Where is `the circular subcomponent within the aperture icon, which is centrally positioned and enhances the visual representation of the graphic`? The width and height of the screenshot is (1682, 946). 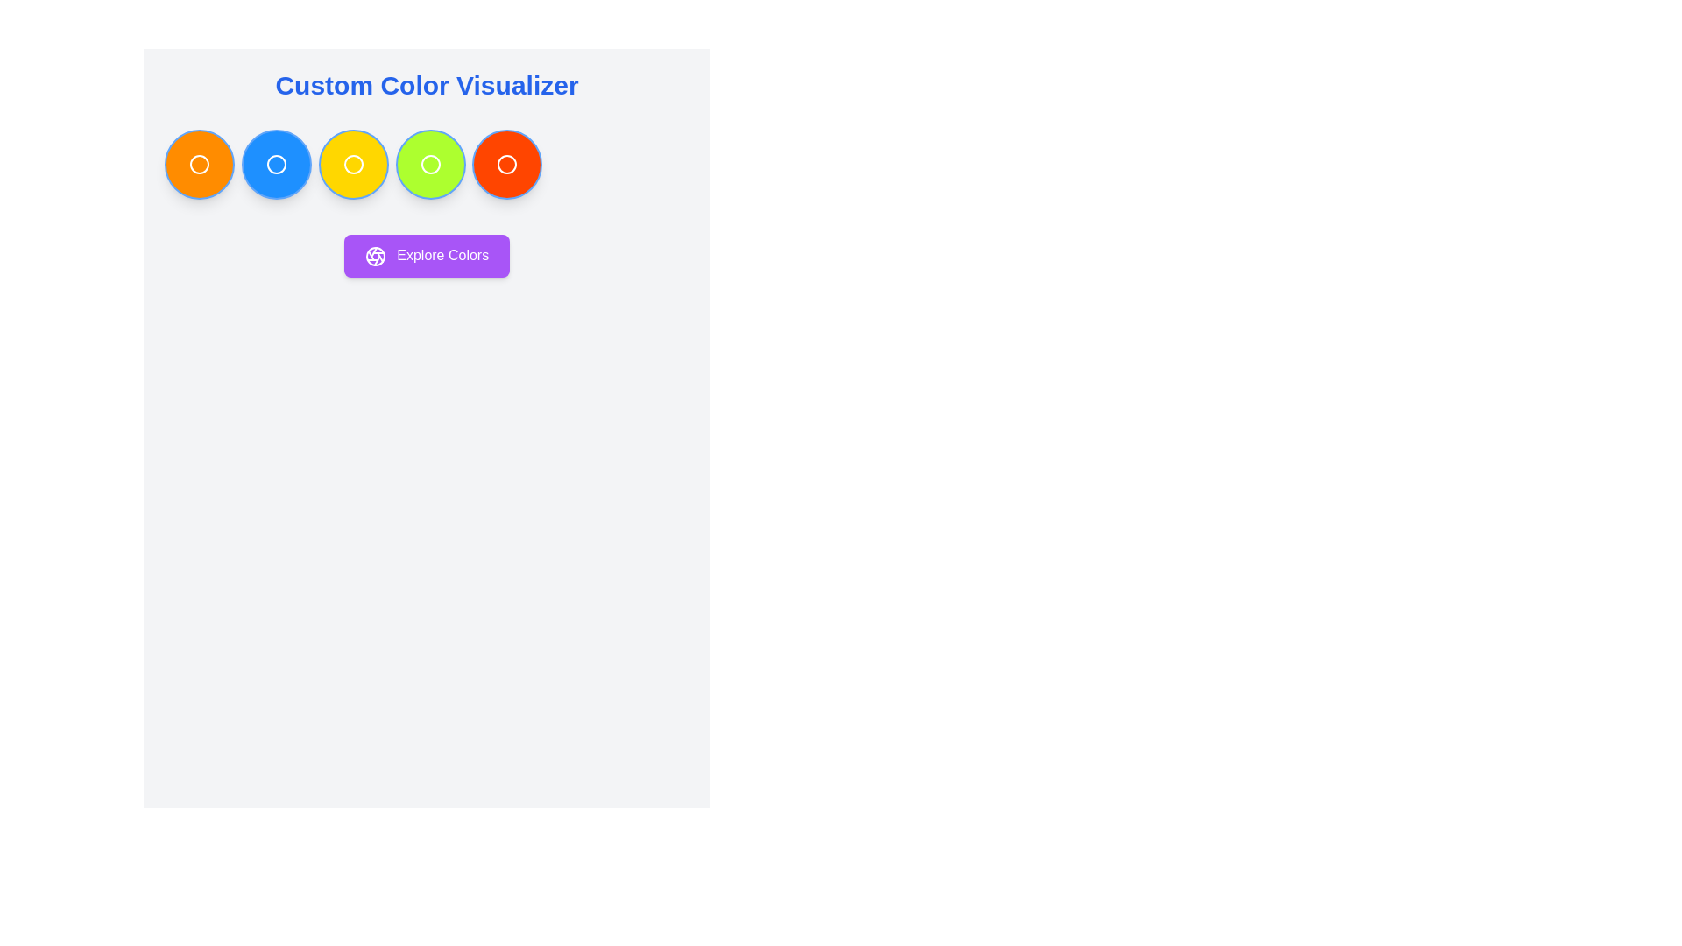
the circular subcomponent within the aperture icon, which is centrally positioned and enhances the visual representation of the graphic is located at coordinates (374, 256).